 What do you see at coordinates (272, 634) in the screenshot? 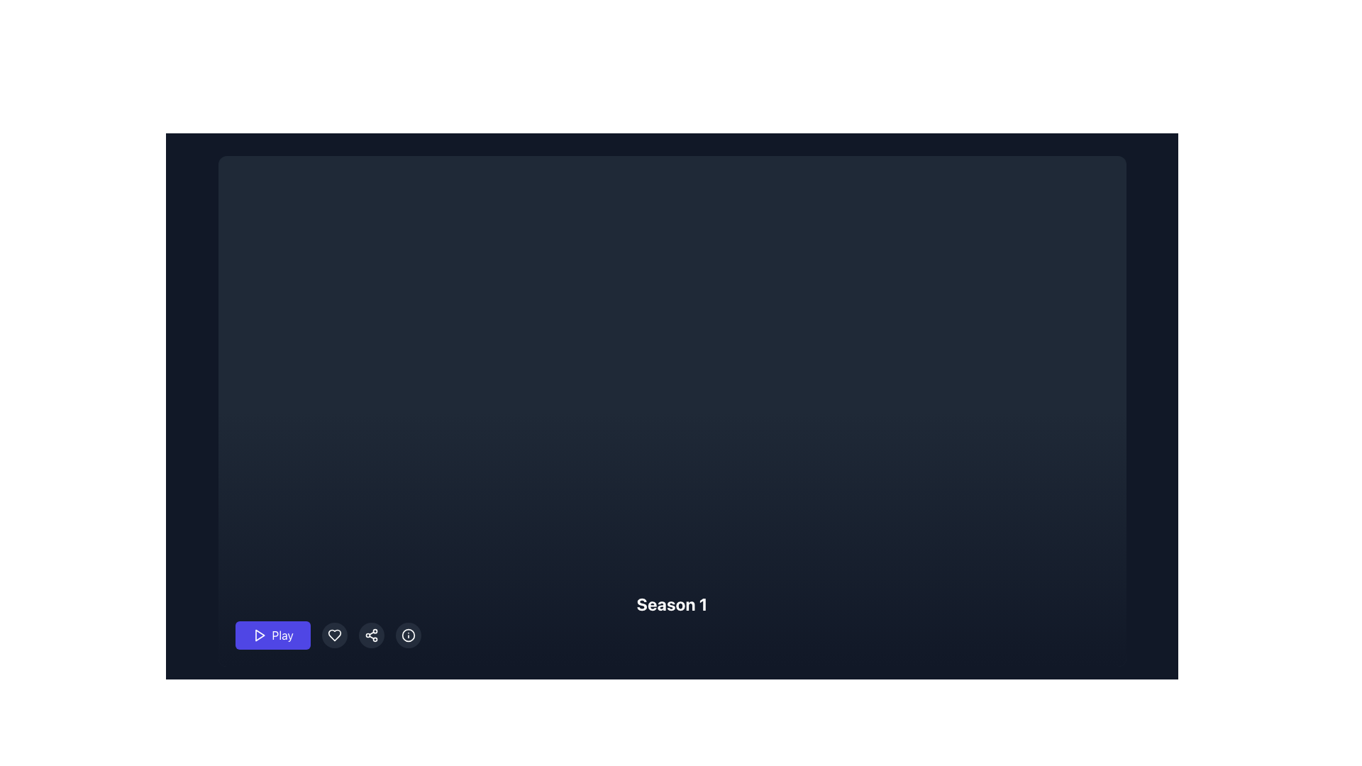
I see `the indigo 'Play' button with a white play icon` at bounding box center [272, 634].